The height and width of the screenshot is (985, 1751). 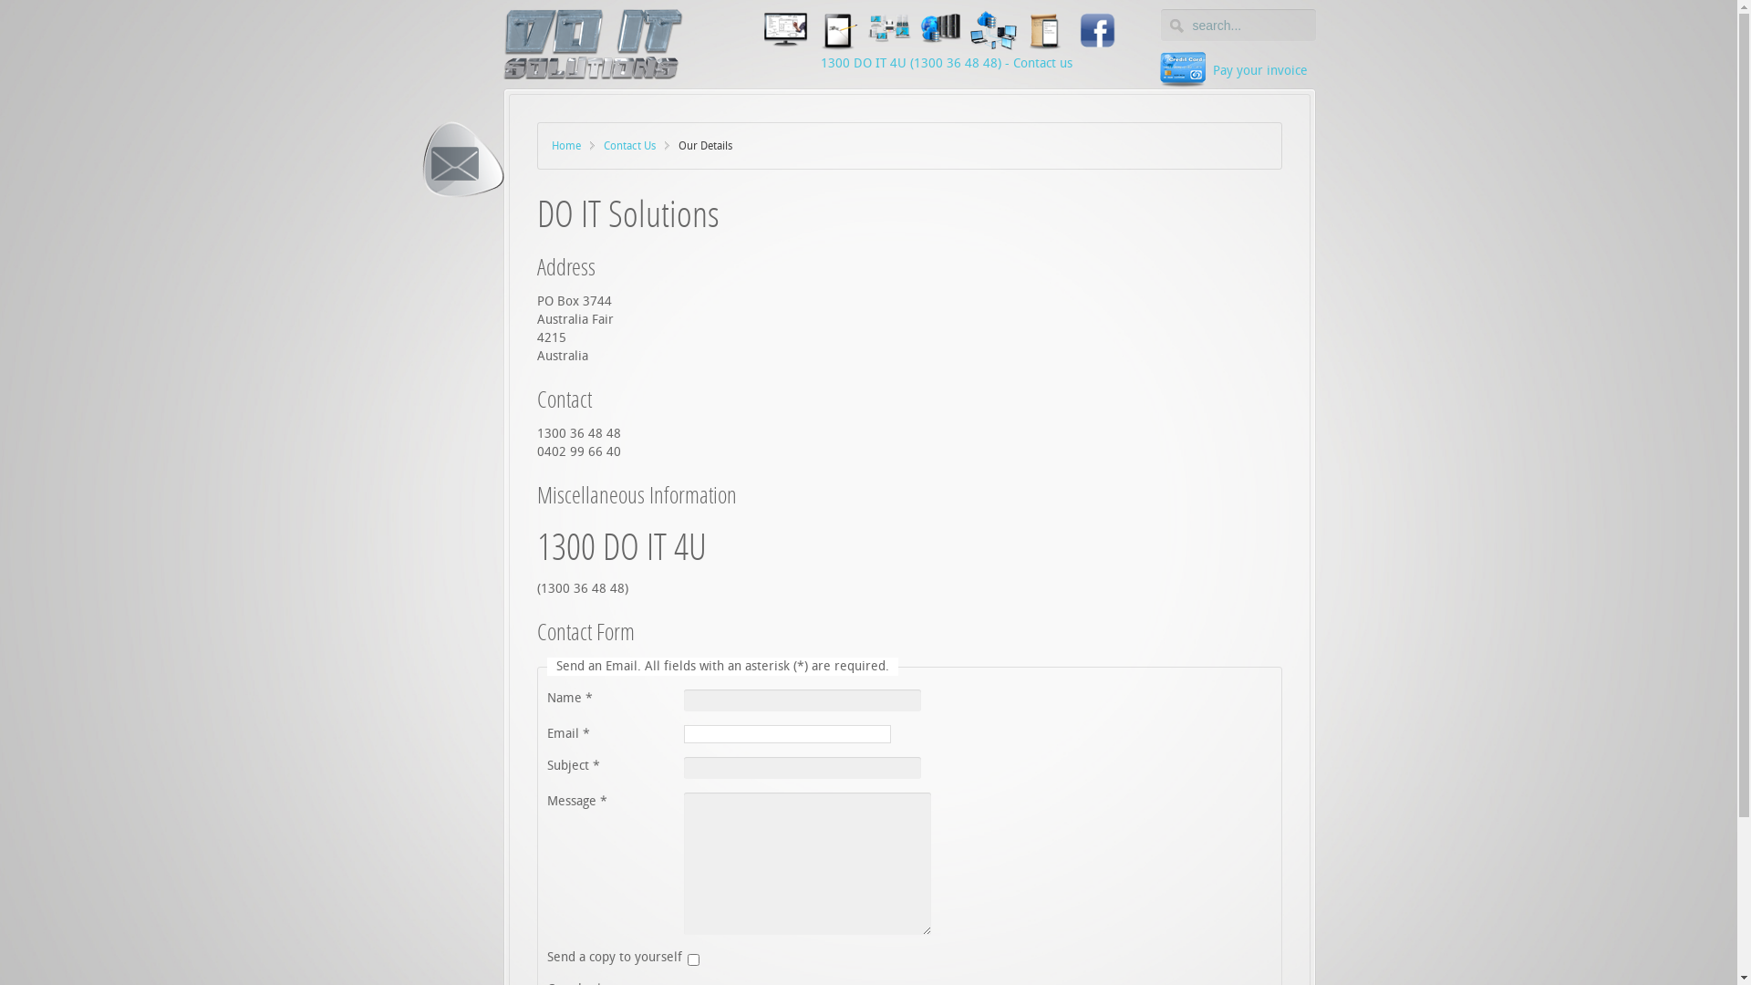 I want to click on 'Reset', so click(x=4, y=3).